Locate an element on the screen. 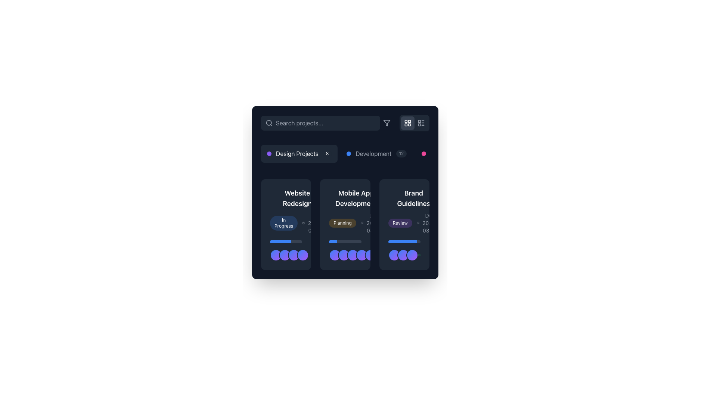 The image size is (717, 403). the representation of the first circular graphical component in the horizontal sequence, which has a gradient from blue to purple and a gray outer border, located below the 'Mobile App Development' card is located at coordinates (335, 254).